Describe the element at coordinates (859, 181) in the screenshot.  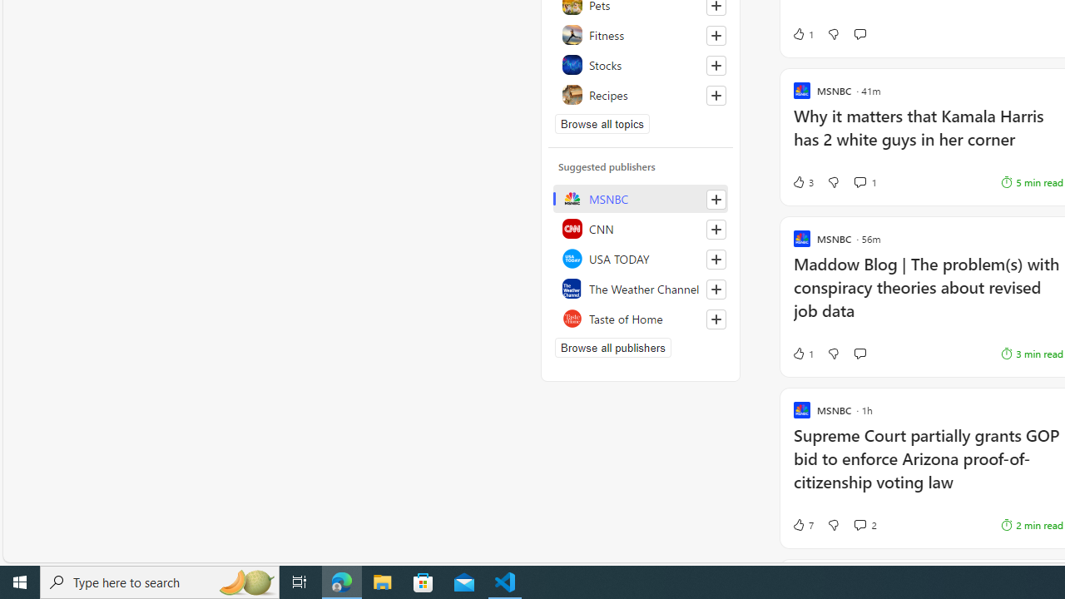
I see `'View comments 1 Comment'` at that location.